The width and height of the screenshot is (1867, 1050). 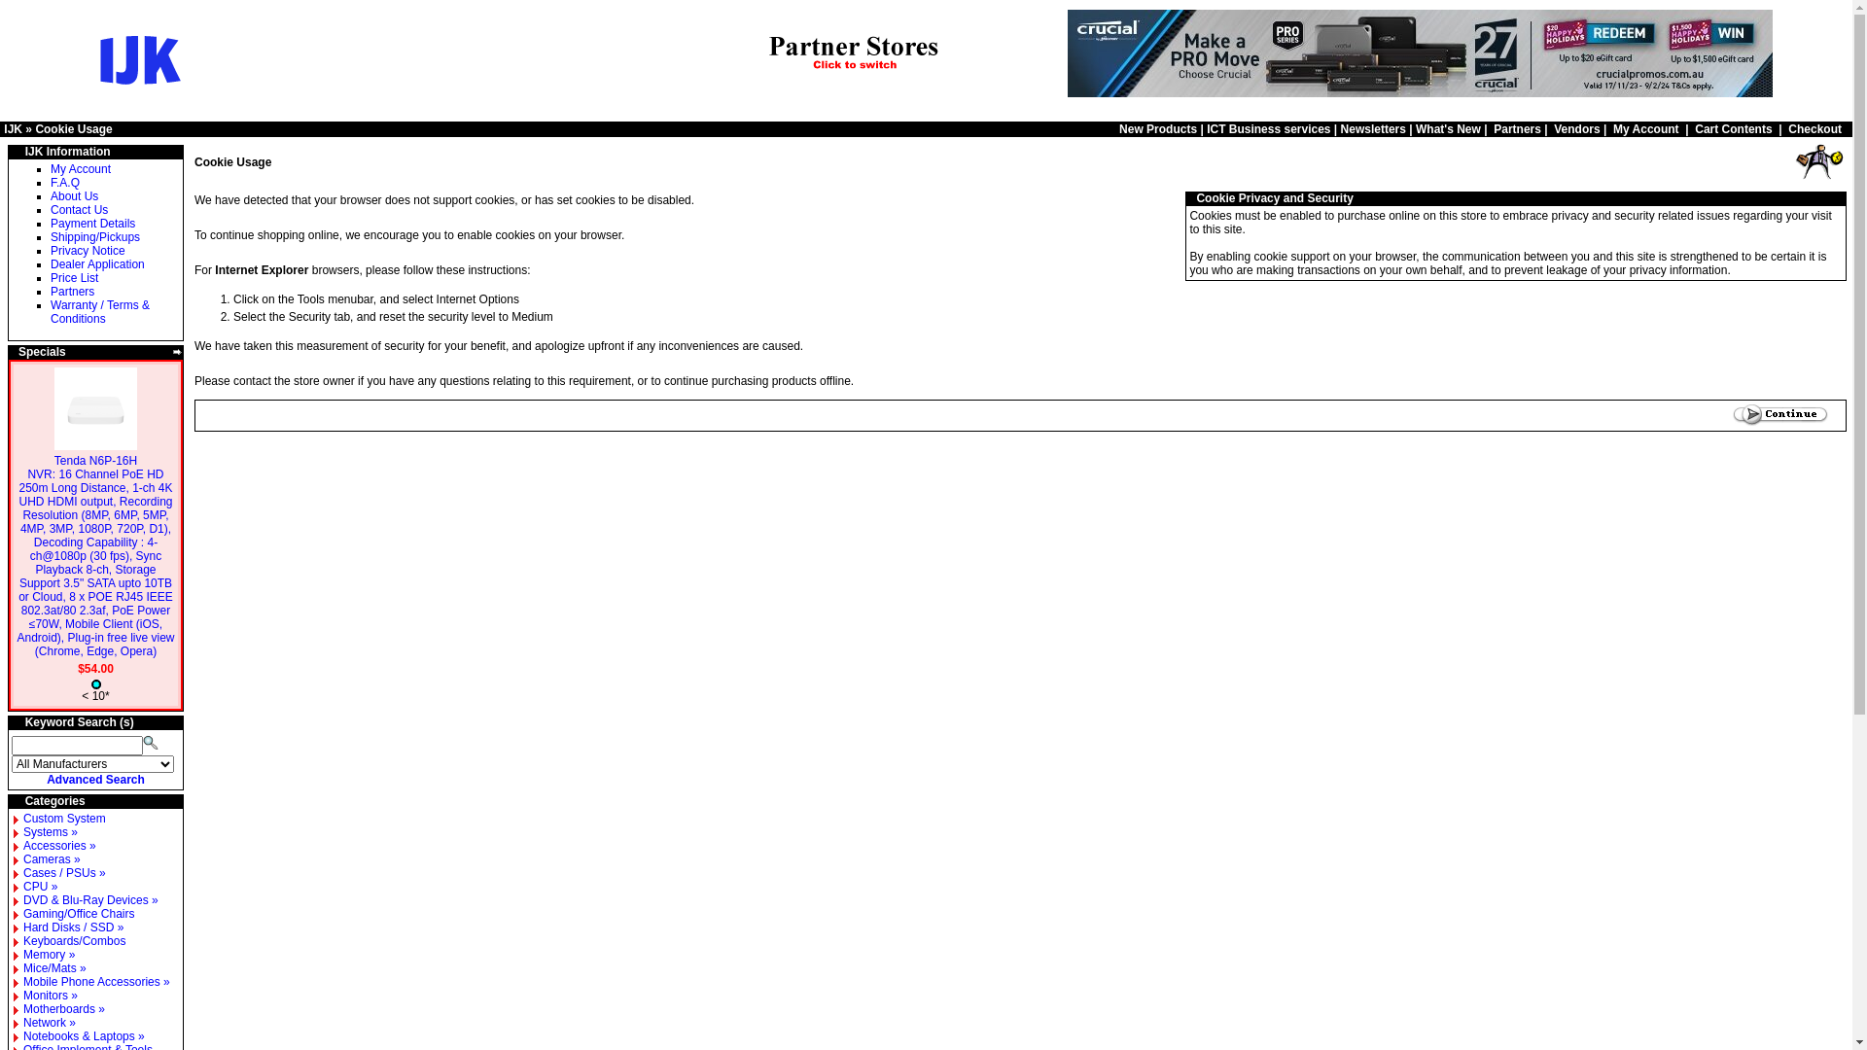 What do you see at coordinates (51, 183) in the screenshot?
I see `'F.A.Q'` at bounding box center [51, 183].